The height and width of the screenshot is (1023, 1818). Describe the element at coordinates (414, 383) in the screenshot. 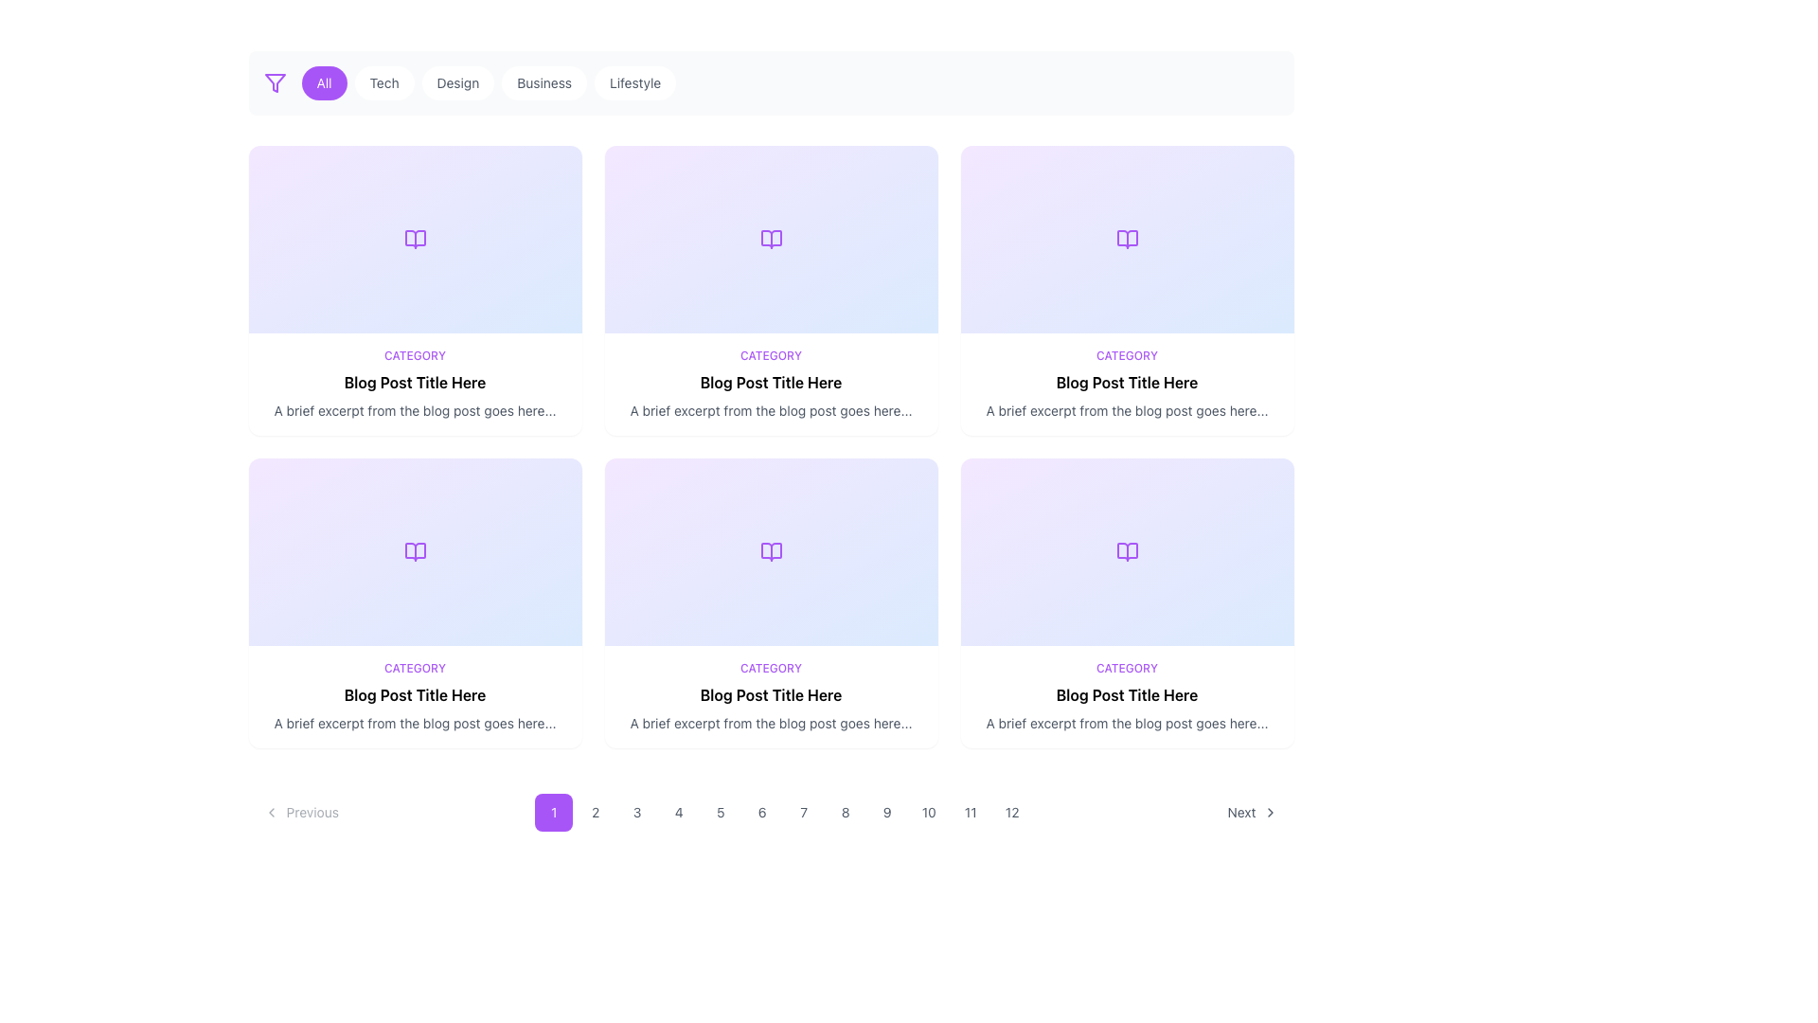

I see `the text label displaying 'Blog Post Title Here', which is styled with bold typography and located in the middle row, second column of the blog entries grid` at that location.